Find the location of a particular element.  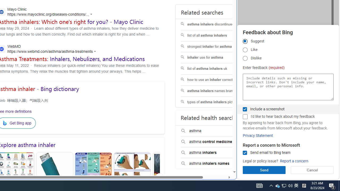

'list of all asthma inhalers' is located at coordinates (214, 35).